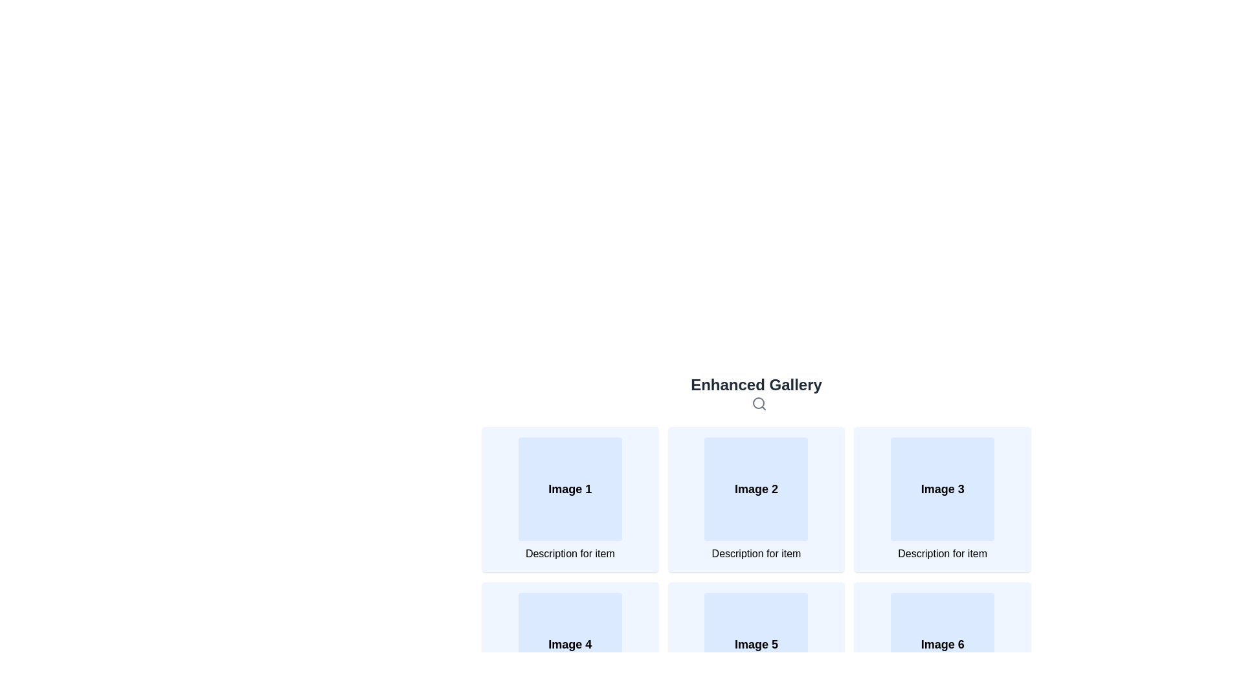  I want to click on the static label providing description for the image item located below the 'Image 3' title in the third card of the first row in the grid layout, so click(943, 553).